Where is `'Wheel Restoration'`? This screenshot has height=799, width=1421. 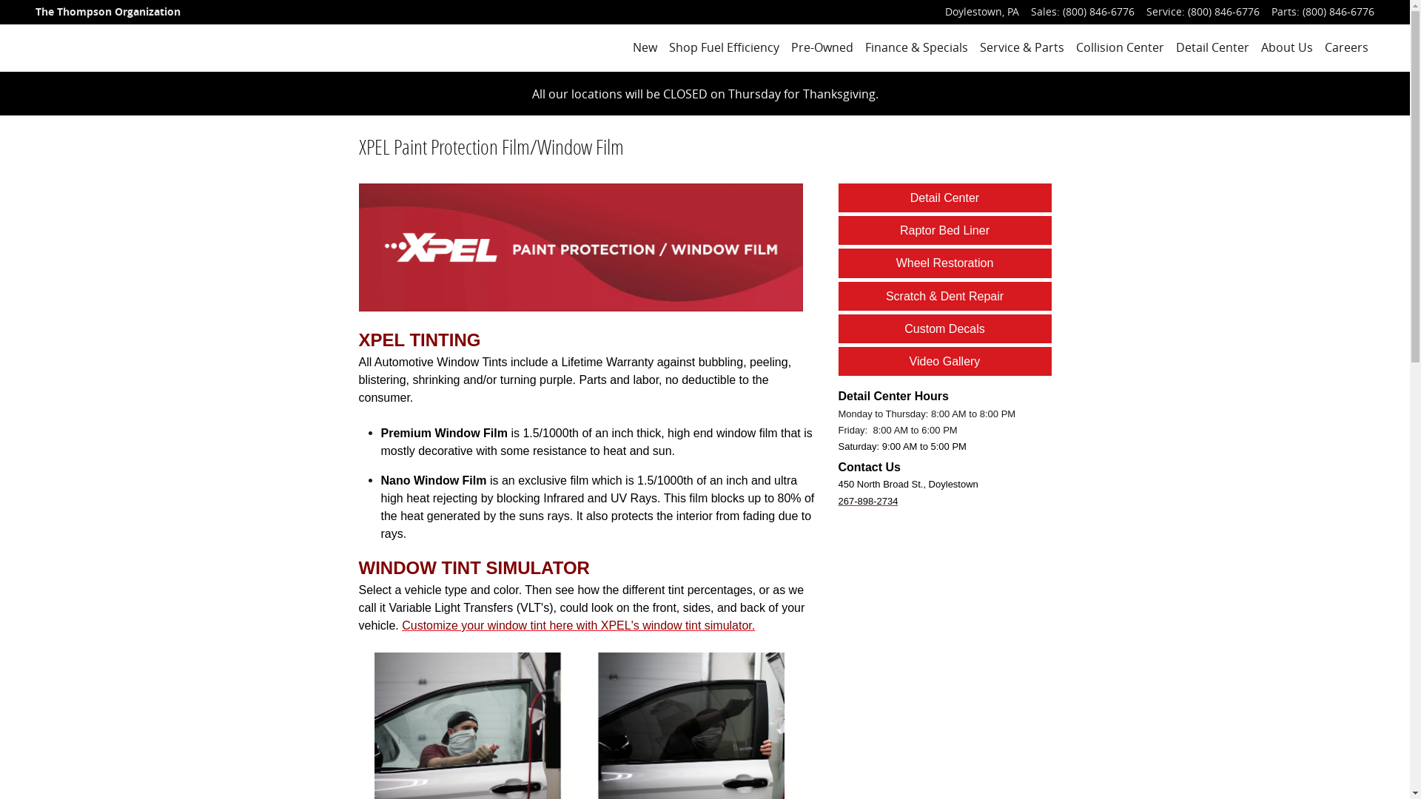 'Wheel Restoration' is located at coordinates (944, 262).